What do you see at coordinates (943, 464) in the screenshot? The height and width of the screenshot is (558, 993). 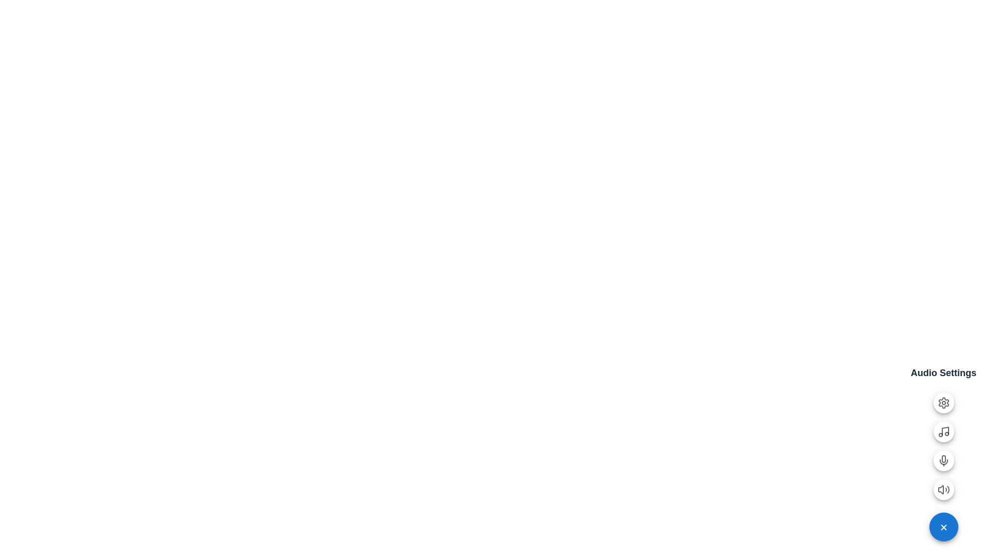 I see `the microphone settings button located in the vertical menu under 'Audio Settings'` at bounding box center [943, 464].